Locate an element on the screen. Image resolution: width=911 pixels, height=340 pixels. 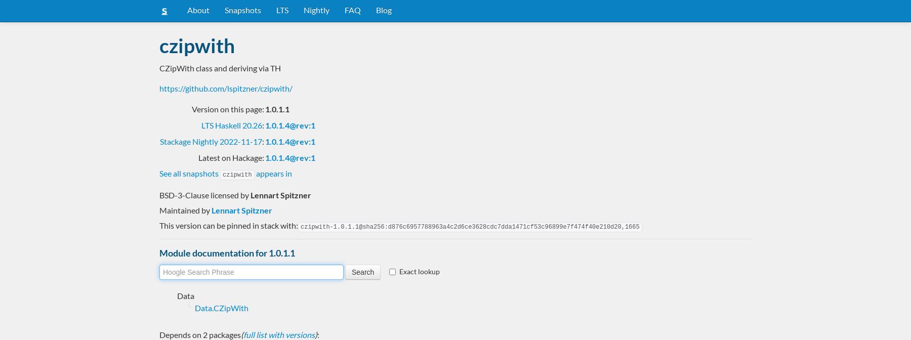
'CZipWith class and deriving via TH' is located at coordinates (220, 67).